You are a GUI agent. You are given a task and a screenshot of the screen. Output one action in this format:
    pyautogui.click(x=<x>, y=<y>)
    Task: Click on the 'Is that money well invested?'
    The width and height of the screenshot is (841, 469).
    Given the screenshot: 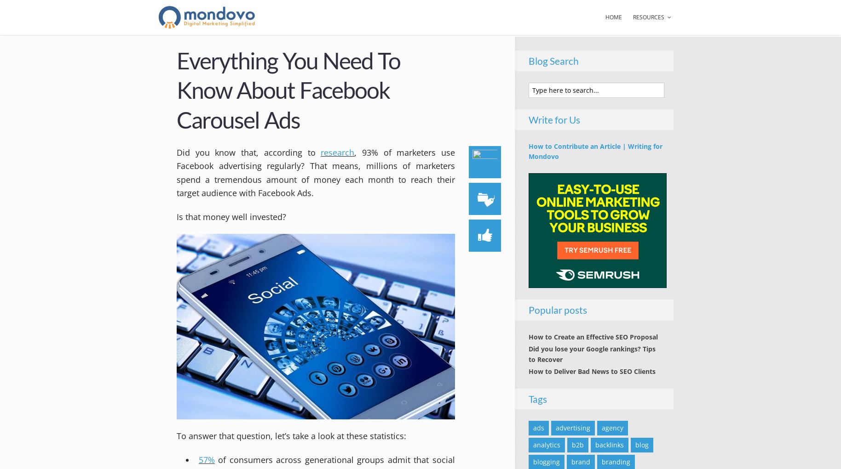 What is the action you would take?
    pyautogui.click(x=231, y=216)
    